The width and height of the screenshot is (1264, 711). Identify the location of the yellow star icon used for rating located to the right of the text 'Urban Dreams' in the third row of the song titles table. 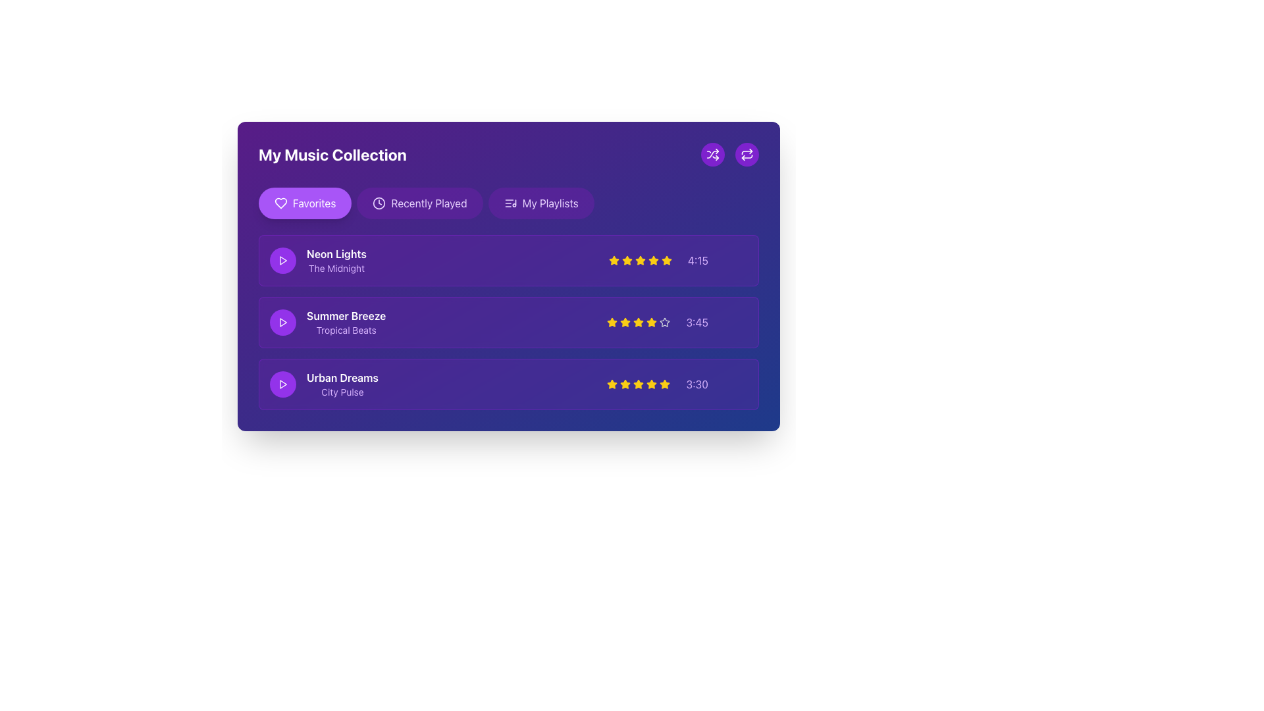
(639, 384).